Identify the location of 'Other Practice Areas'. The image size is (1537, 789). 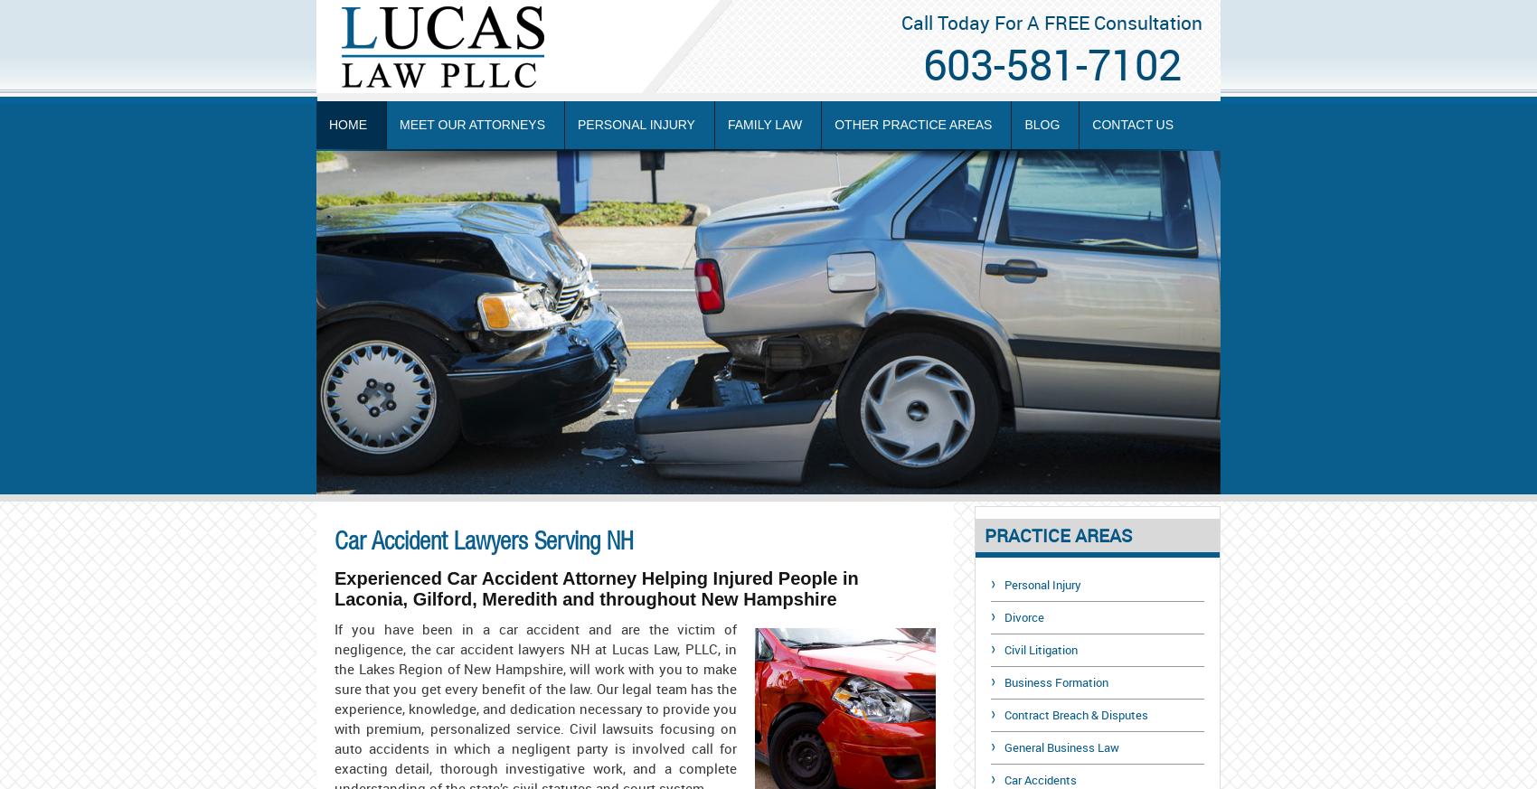
(834, 125).